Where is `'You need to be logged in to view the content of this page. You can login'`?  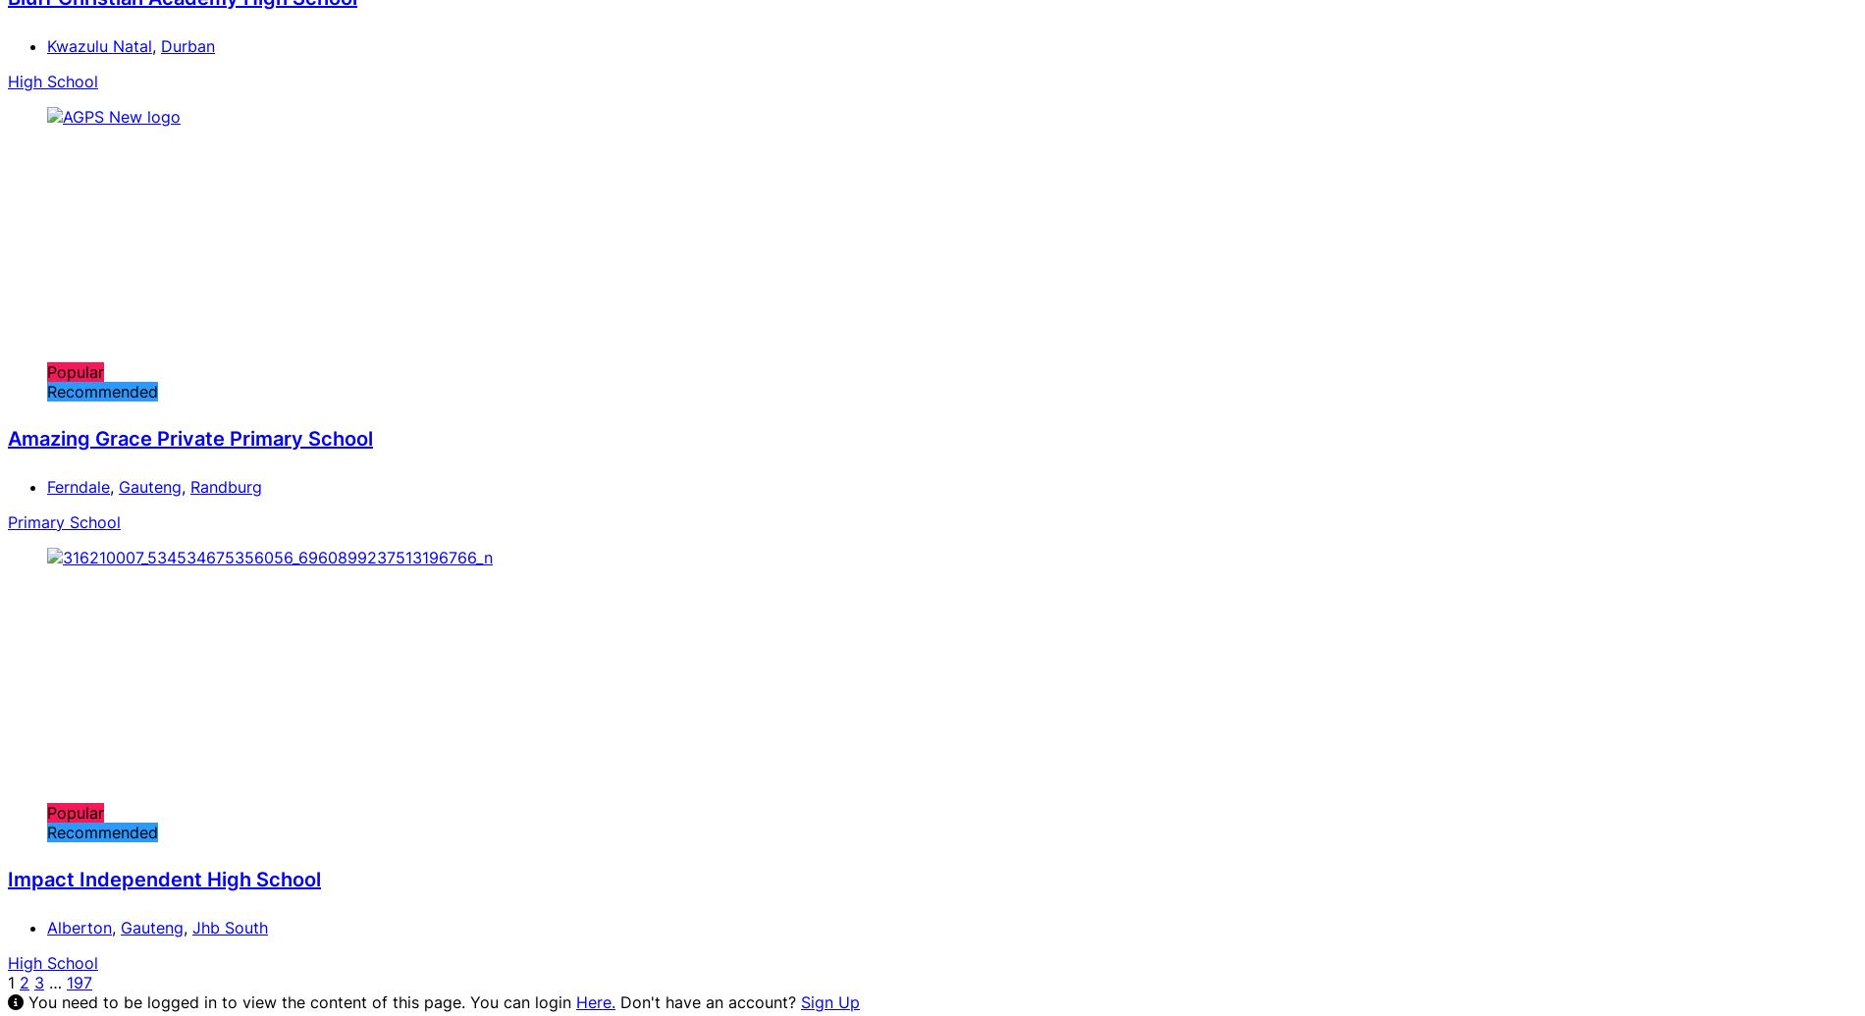
'You need to be logged in to view the content of this page. You can login' is located at coordinates (23, 999).